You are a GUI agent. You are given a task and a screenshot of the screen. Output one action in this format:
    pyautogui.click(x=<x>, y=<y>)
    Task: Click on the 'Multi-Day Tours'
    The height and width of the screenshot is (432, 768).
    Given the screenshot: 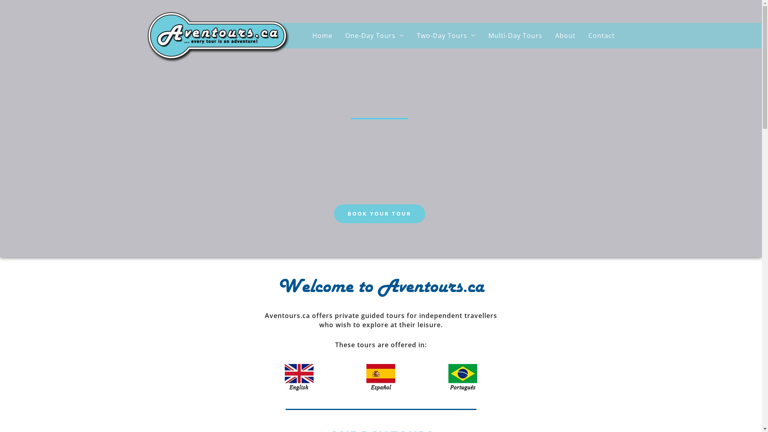 What is the action you would take?
    pyautogui.click(x=515, y=35)
    